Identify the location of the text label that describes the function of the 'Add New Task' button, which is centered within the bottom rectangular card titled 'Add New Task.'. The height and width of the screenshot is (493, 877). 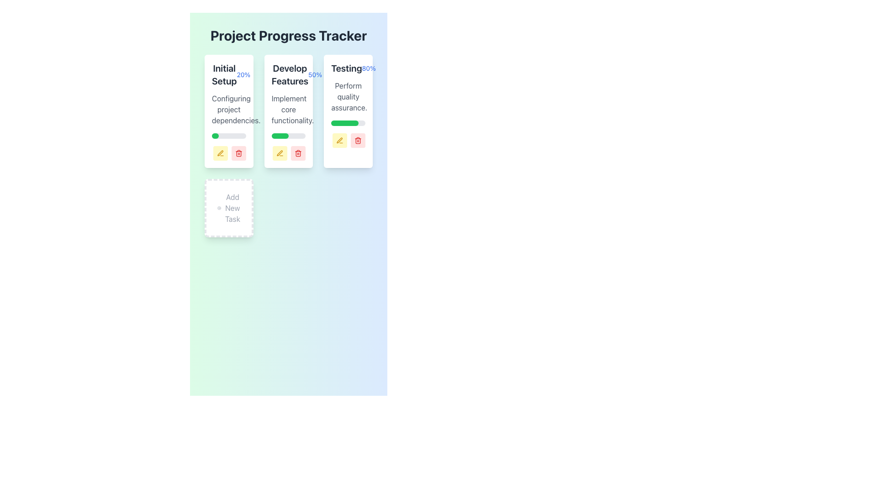
(232, 208).